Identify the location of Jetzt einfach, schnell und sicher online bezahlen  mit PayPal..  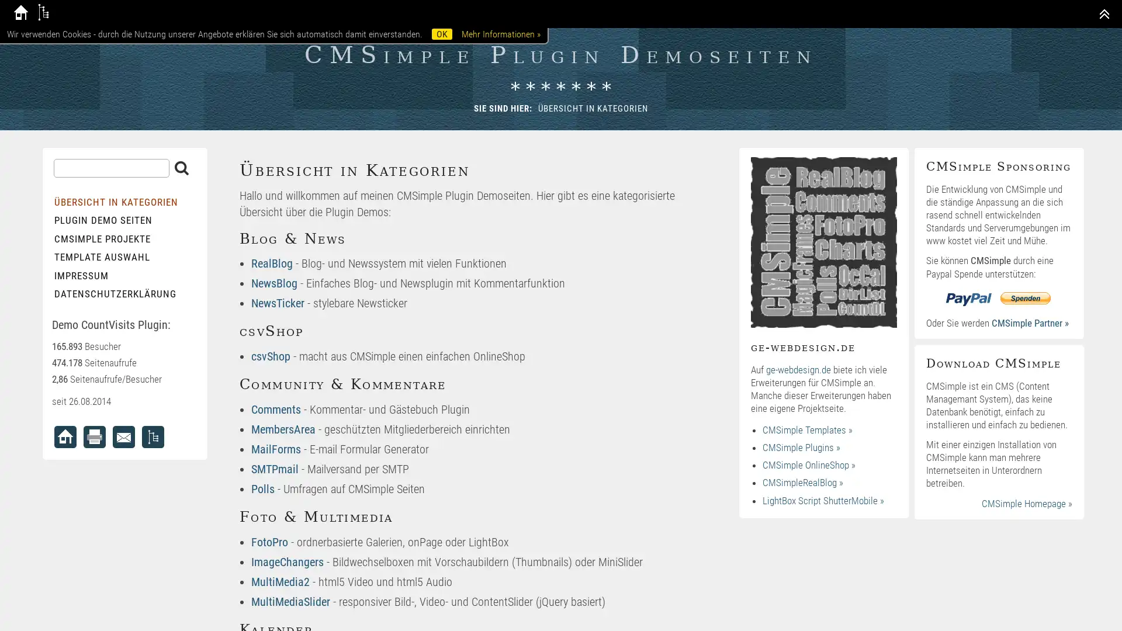
(998, 297).